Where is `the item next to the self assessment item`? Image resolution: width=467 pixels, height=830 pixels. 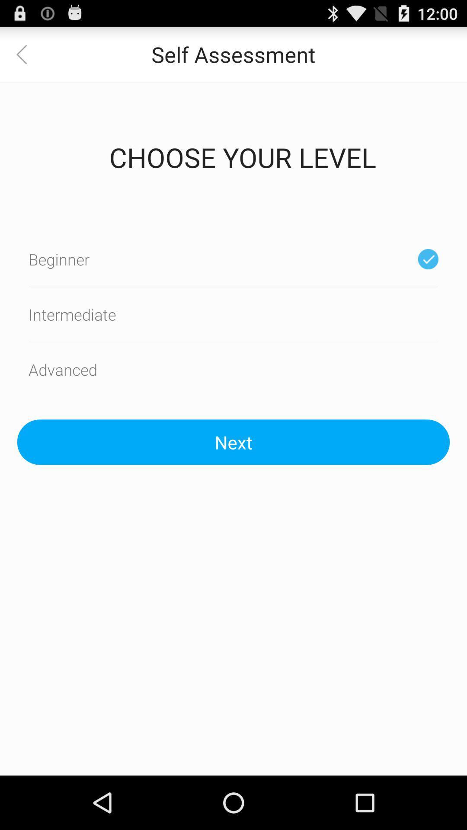 the item next to the self assessment item is located at coordinates (26, 54).